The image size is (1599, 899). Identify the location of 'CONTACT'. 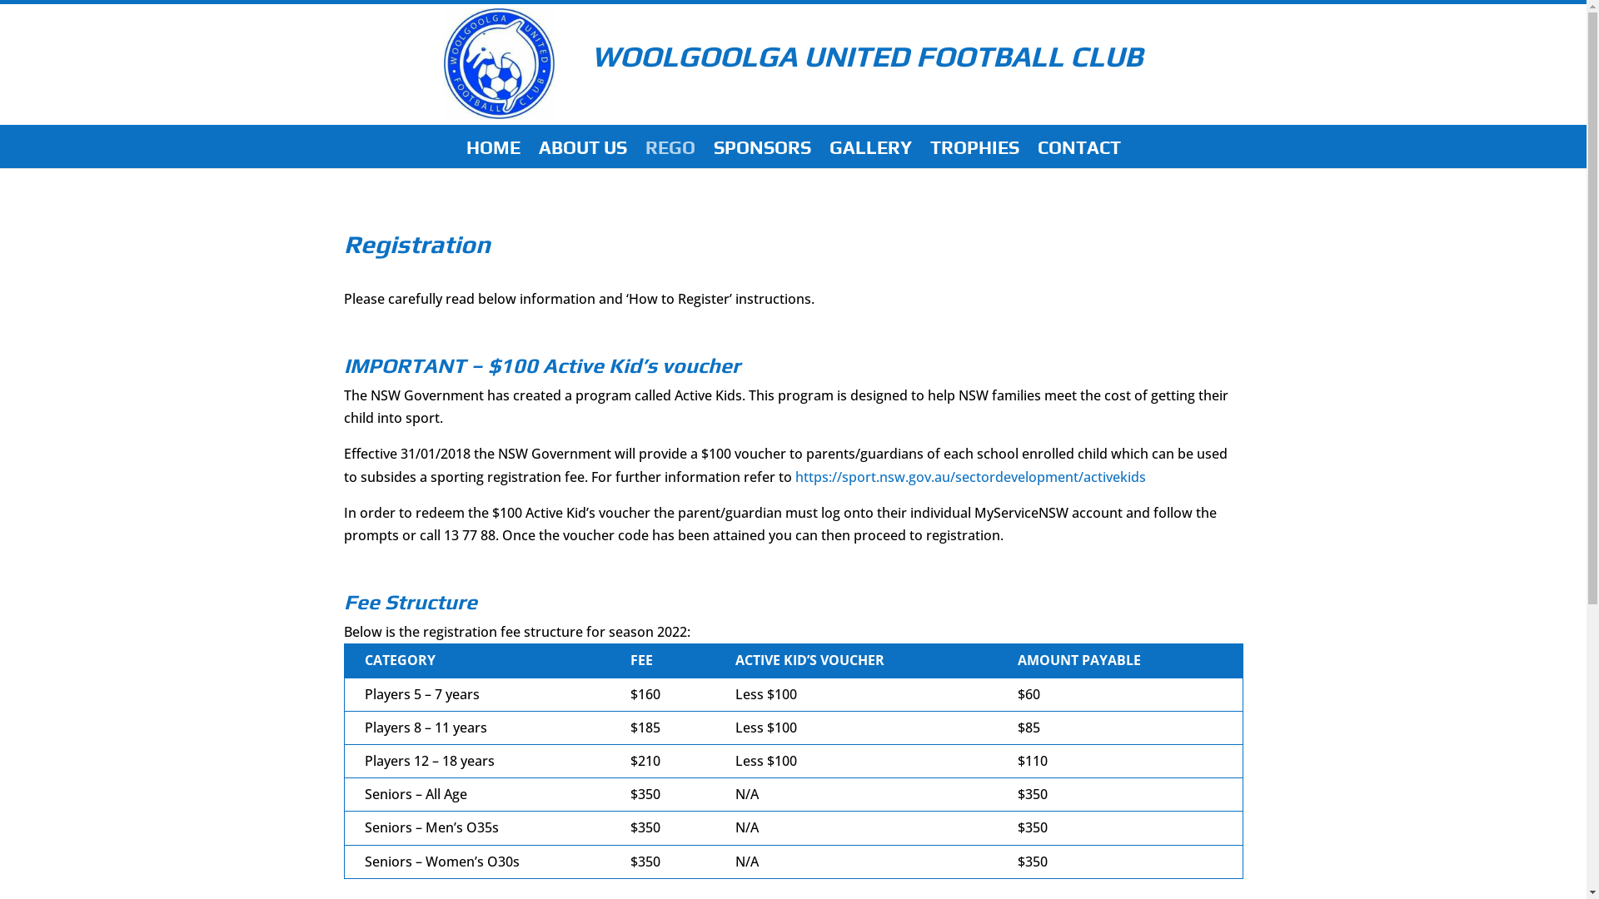
(1079, 154).